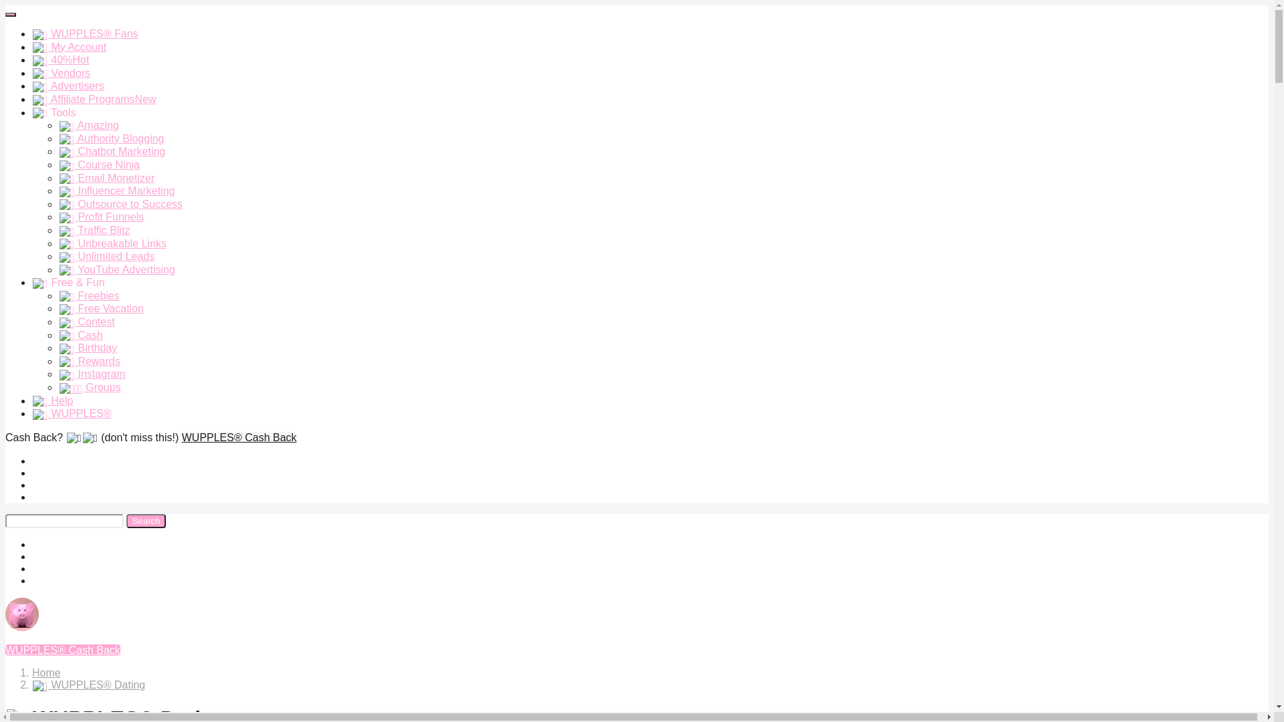  What do you see at coordinates (32, 86) in the screenshot?
I see `'Advertisers'` at bounding box center [32, 86].